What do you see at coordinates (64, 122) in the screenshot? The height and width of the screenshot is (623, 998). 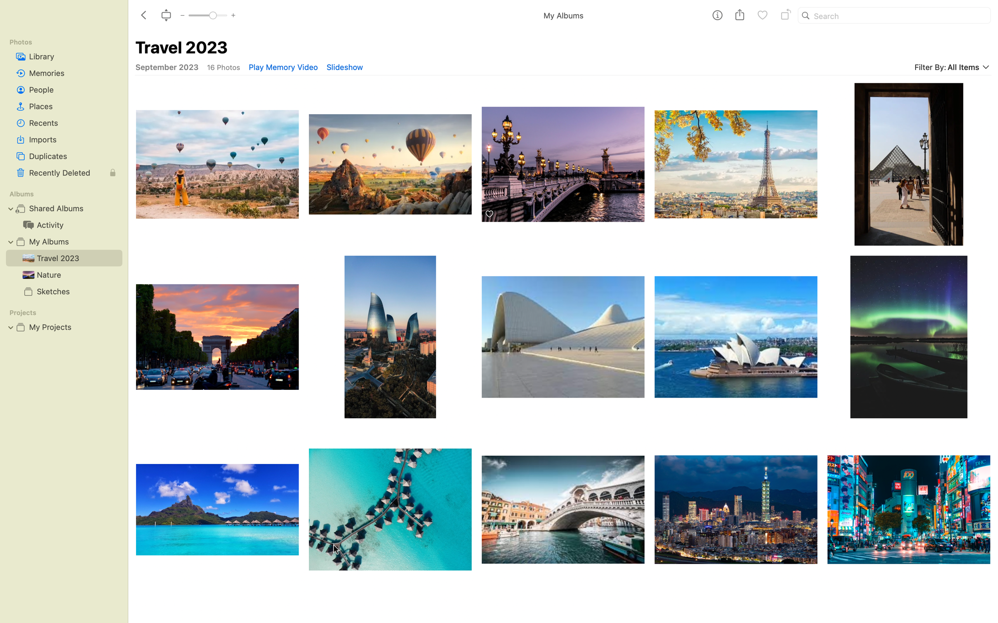 I see `In the "Recents" album, zoom in on the photos using the top menu` at bounding box center [64, 122].